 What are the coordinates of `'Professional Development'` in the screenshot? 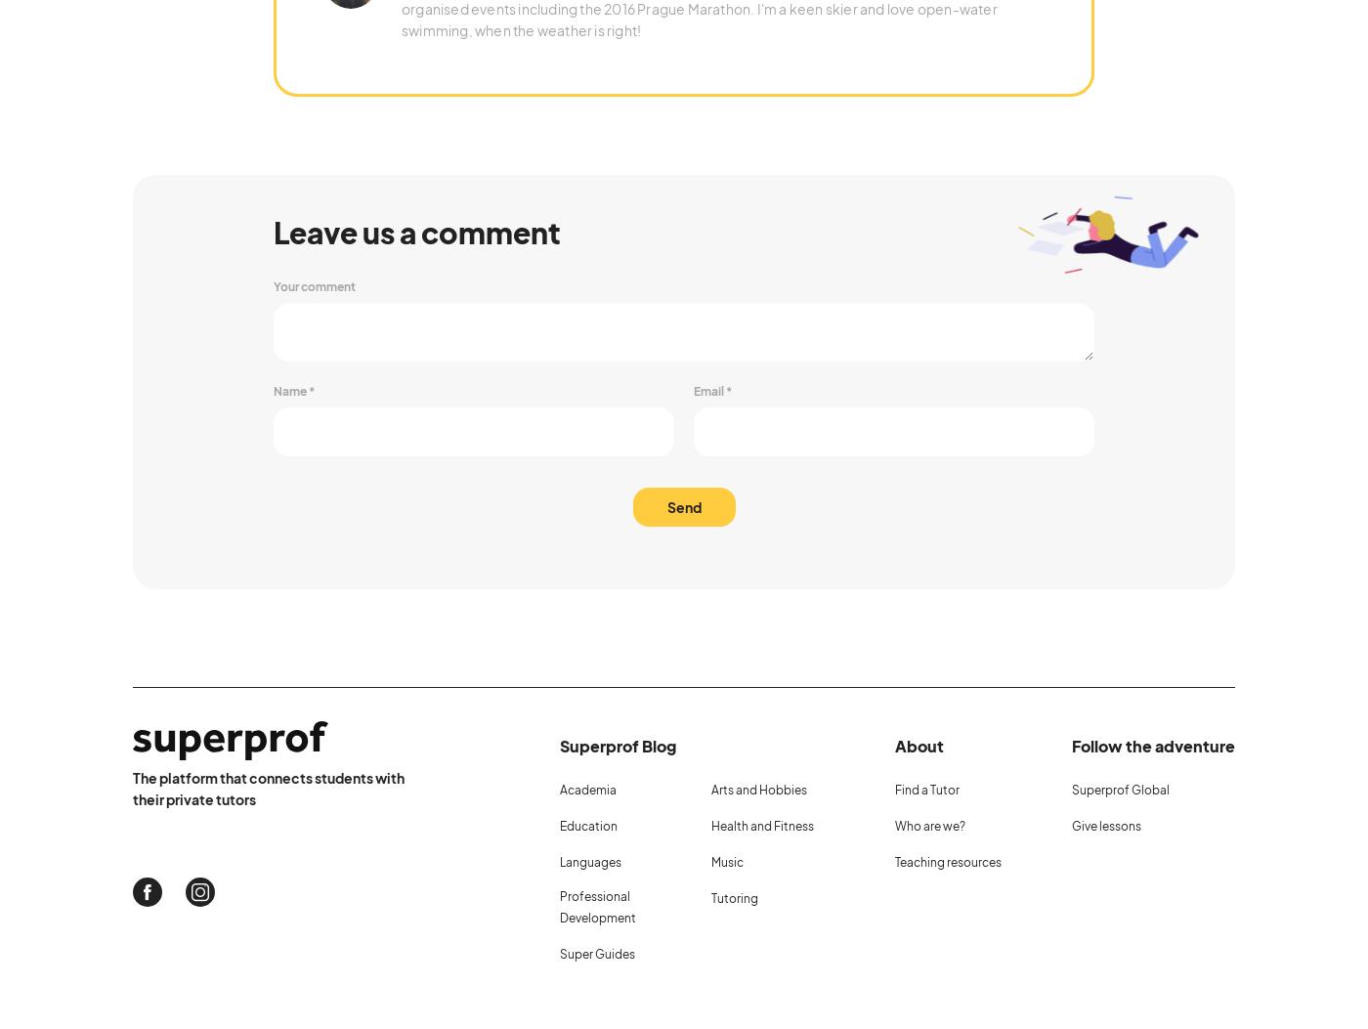 It's located at (596, 905).